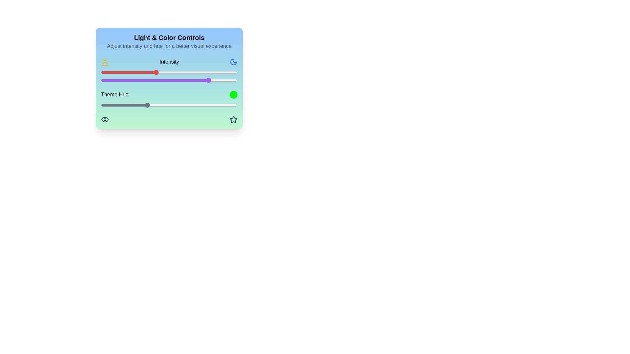 This screenshot has height=354, width=630. Describe the element at coordinates (168, 80) in the screenshot. I see `the slider value` at that location.